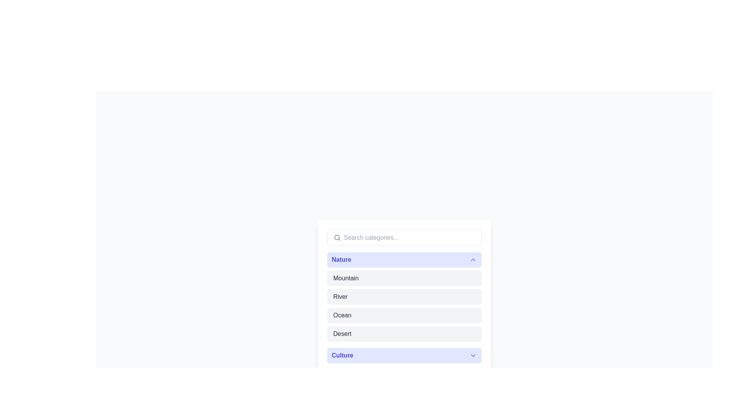 This screenshot has height=417, width=741. What do you see at coordinates (345, 278) in the screenshot?
I see `the 'Mountain' category text label located in the dropdown menu under the header 'Nature'` at bounding box center [345, 278].